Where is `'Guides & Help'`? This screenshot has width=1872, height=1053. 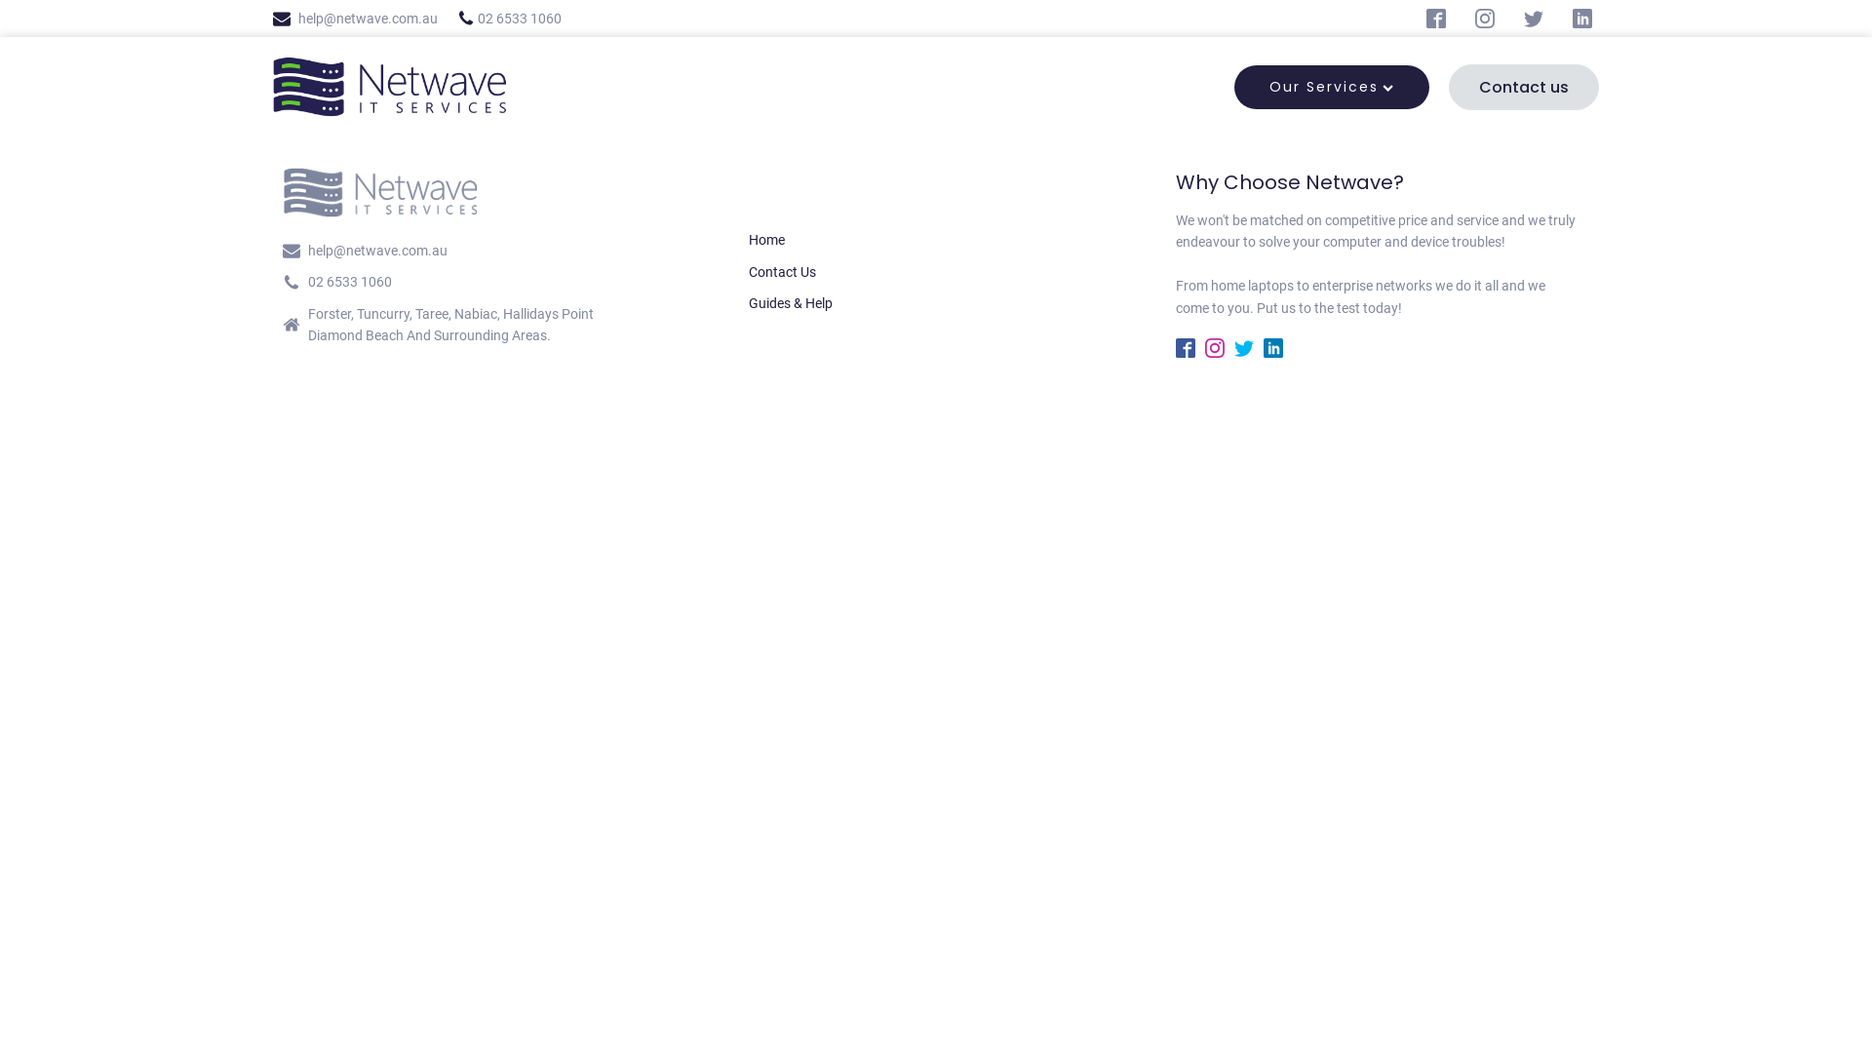
'Guides & Help' is located at coordinates (728, 303).